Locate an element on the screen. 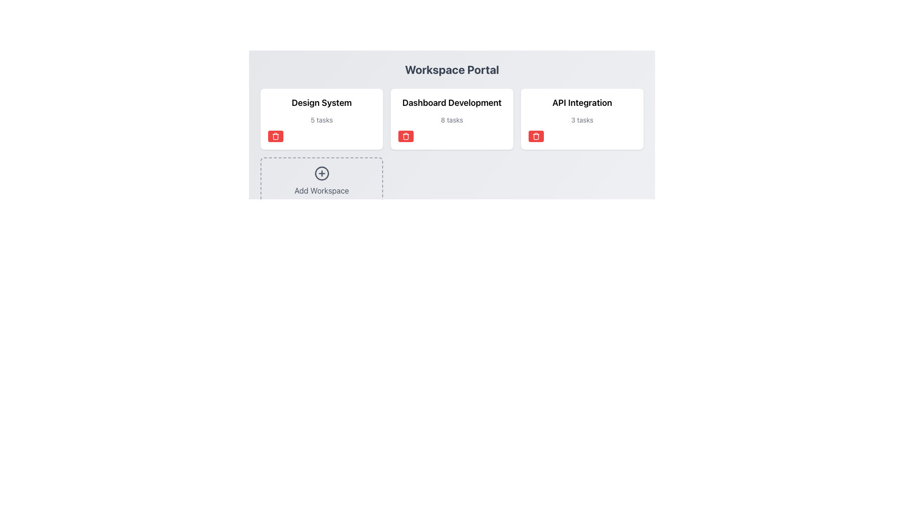 The width and height of the screenshot is (916, 515). the trash icon located in the top left corner of the first delete button to initiate a delete action for the associated item in the workspace is located at coordinates (275, 136).